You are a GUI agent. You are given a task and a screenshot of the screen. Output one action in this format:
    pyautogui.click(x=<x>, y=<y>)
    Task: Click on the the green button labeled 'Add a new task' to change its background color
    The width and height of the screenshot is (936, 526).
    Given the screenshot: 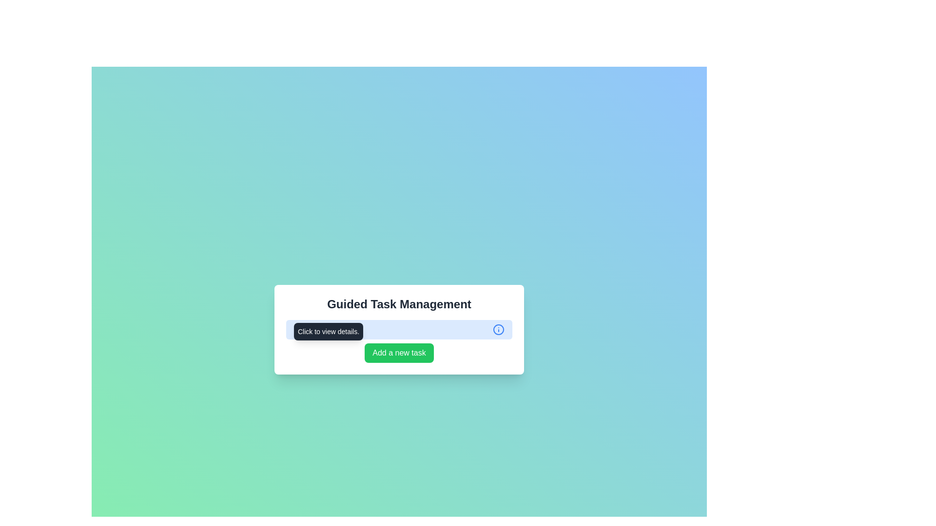 What is the action you would take?
    pyautogui.click(x=399, y=353)
    